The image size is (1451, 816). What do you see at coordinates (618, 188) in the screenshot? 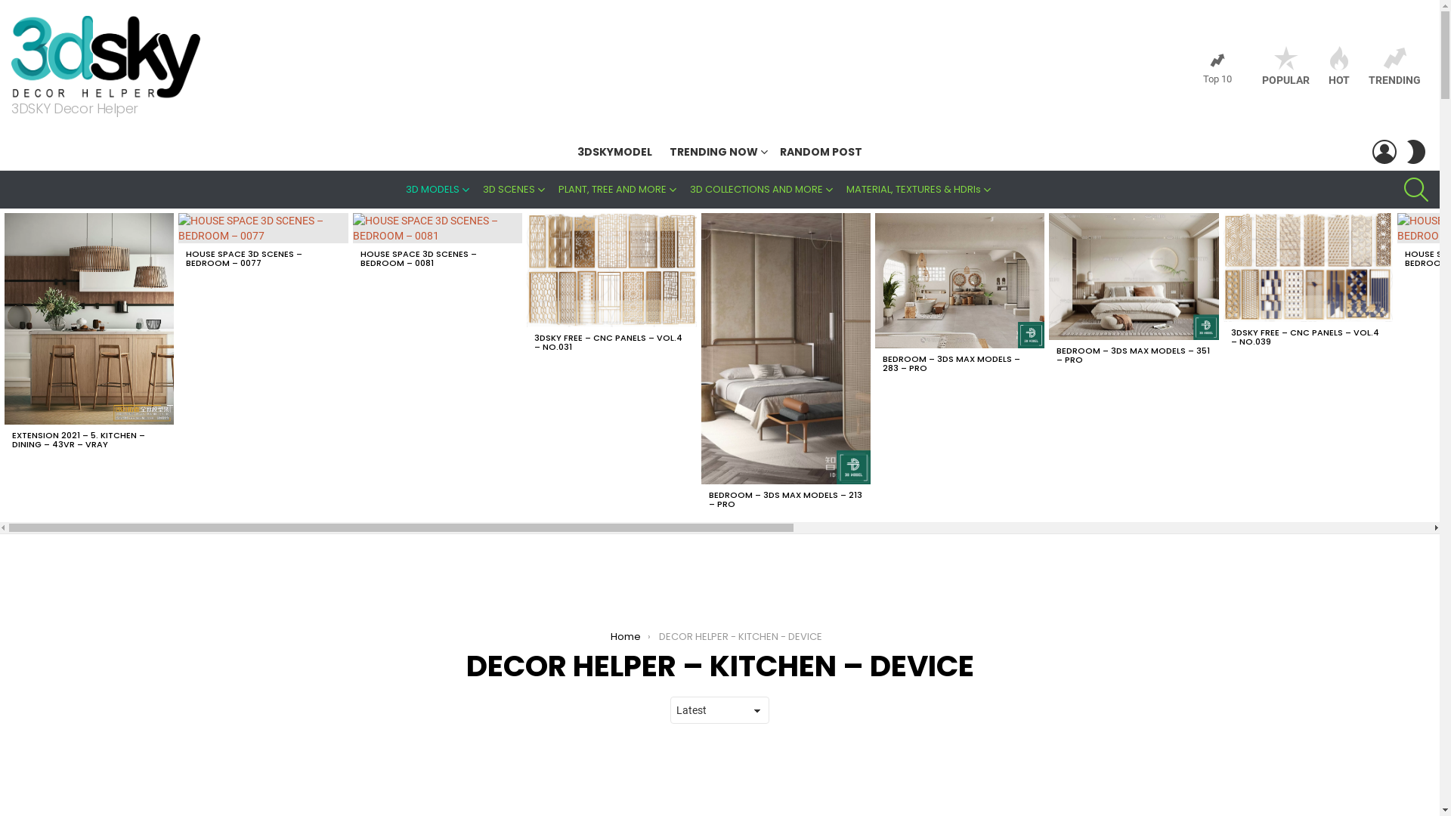
I see `'PLANT, TREE AND MORE'` at bounding box center [618, 188].